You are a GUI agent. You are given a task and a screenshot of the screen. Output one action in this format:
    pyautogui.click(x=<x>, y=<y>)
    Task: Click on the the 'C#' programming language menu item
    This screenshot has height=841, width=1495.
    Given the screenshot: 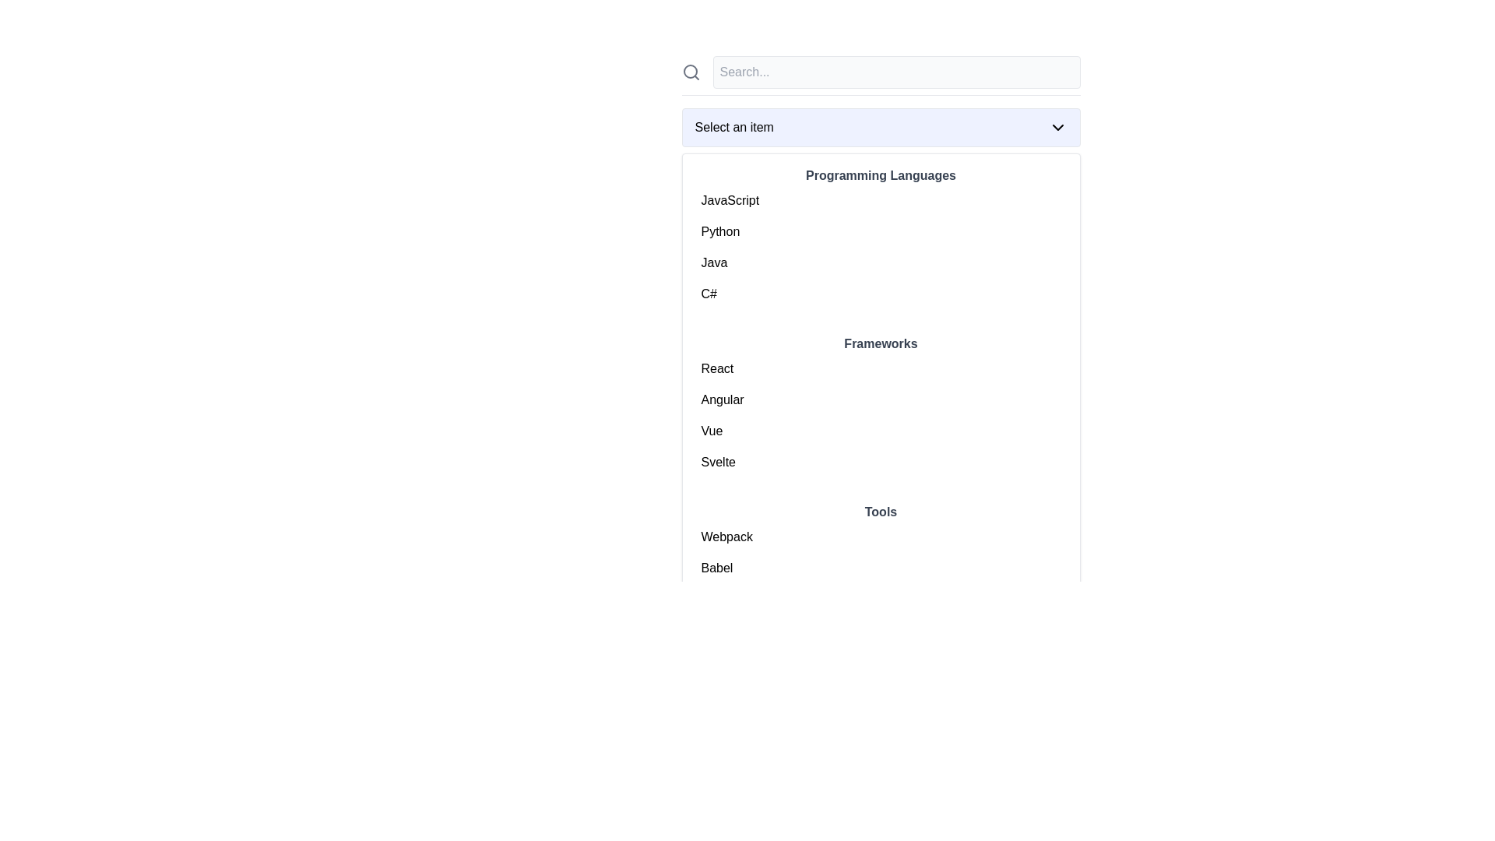 What is the action you would take?
    pyautogui.click(x=881, y=294)
    